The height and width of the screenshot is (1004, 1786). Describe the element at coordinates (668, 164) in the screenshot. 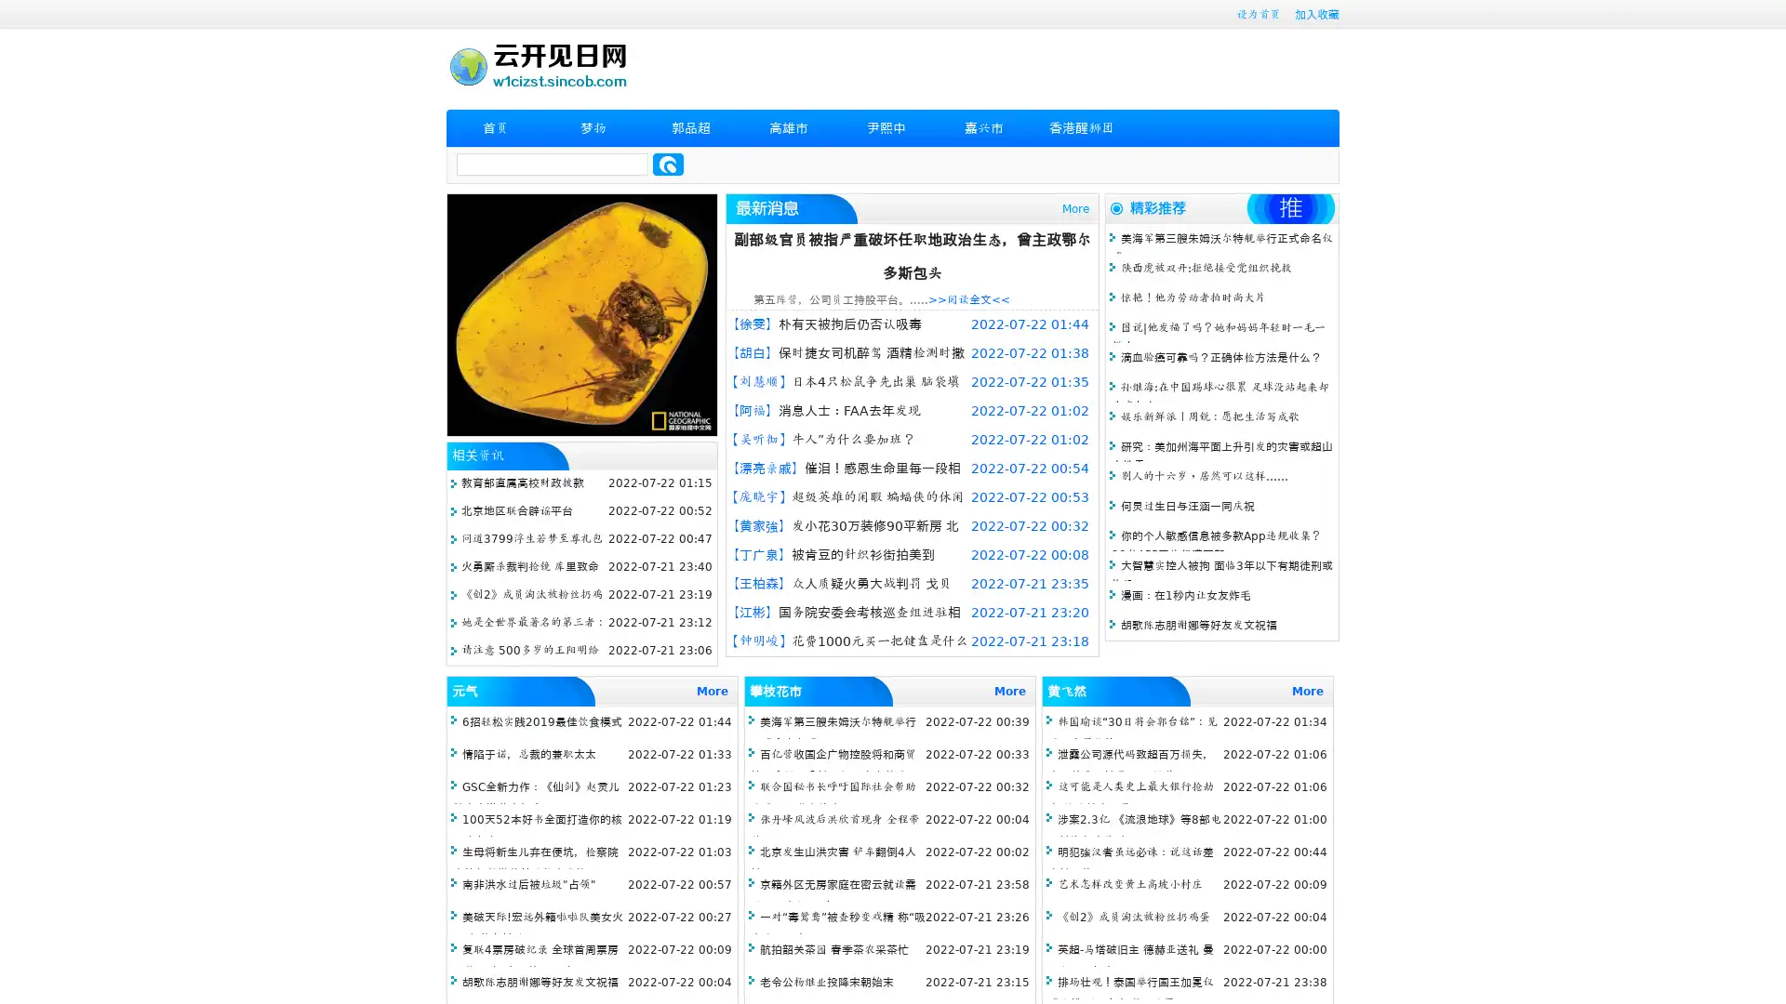

I see `Search` at that location.